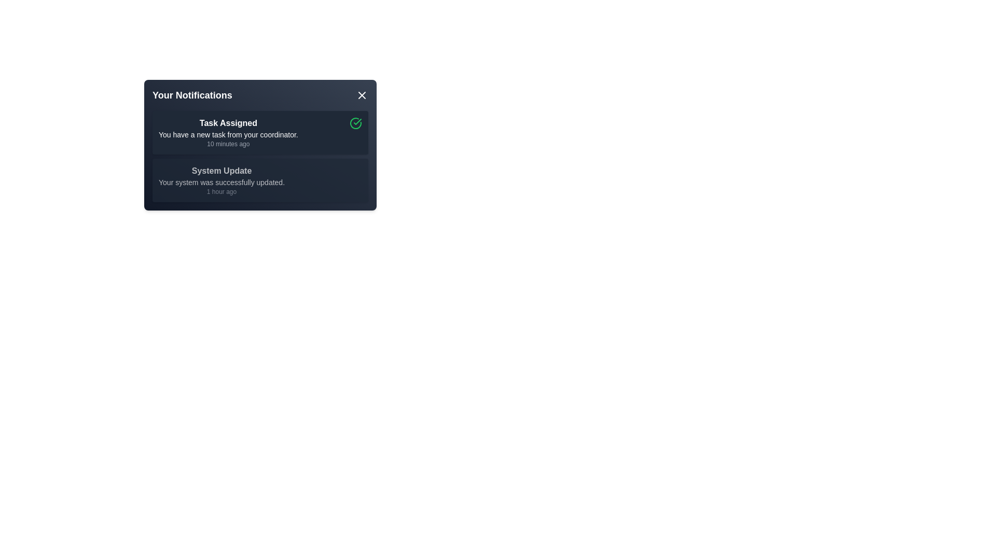 The height and width of the screenshot is (560, 996). Describe the element at coordinates (260, 132) in the screenshot. I see `the upper notification entry titled 'Task Assigned'` at that location.